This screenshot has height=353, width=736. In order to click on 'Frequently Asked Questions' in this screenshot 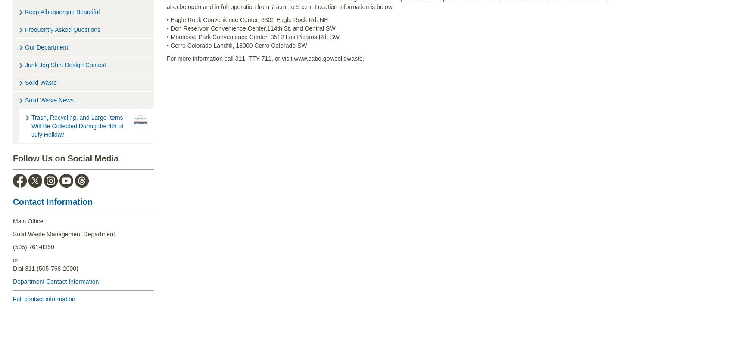, I will do `click(62, 29)`.